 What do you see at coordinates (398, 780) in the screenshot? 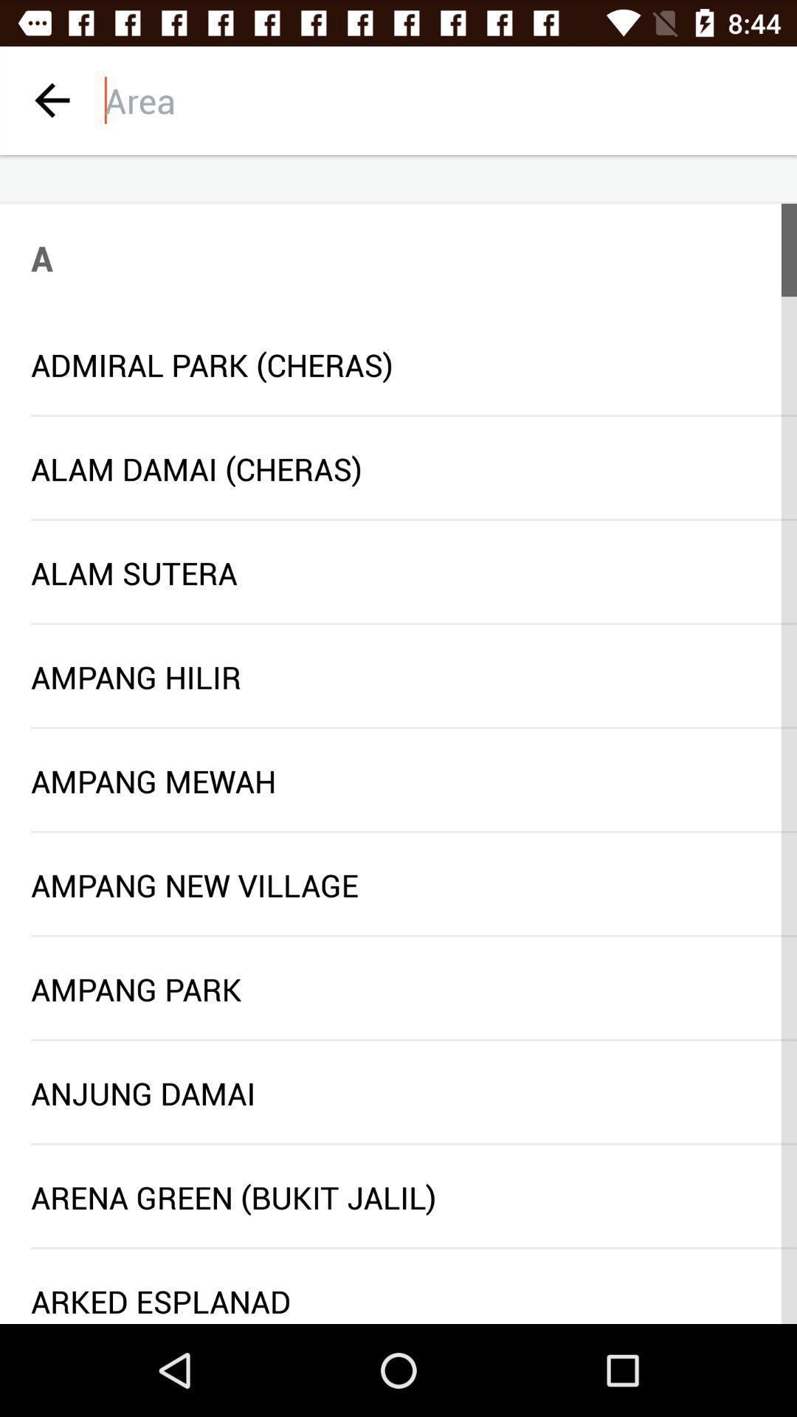
I see `the ampang mewah item` at bounding box center [398, 780].